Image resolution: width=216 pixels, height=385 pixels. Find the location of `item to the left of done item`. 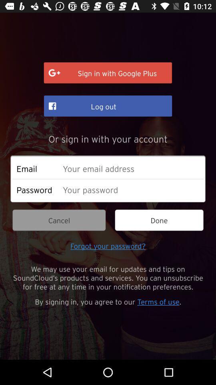

item to the left of done item is located at coordinates (58, 220).